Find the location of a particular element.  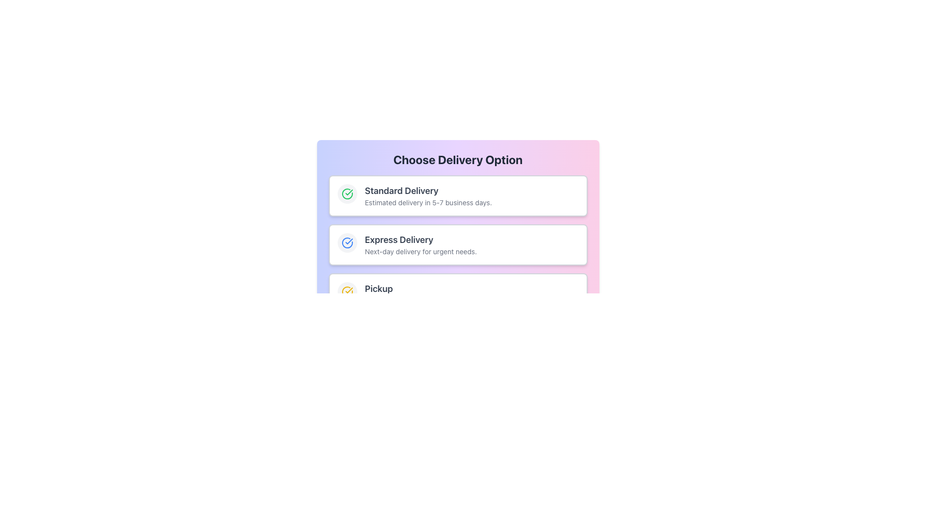

the text line displaying 'Estimated delivery in 5-7 business days', which is located directly beneath the title 'Standard Delivery' in the delivery option selection interface is located at coordinates (471, 202).